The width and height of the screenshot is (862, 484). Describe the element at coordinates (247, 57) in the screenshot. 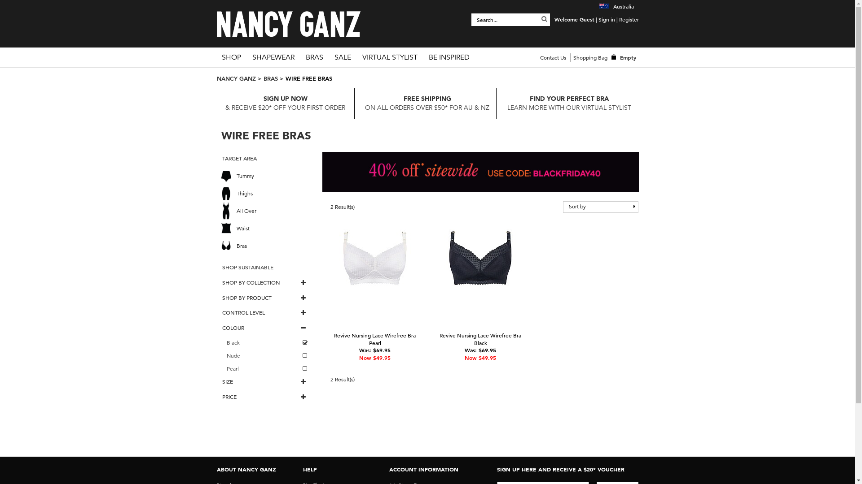

I see `'SHAPEWEAR'` at that location.